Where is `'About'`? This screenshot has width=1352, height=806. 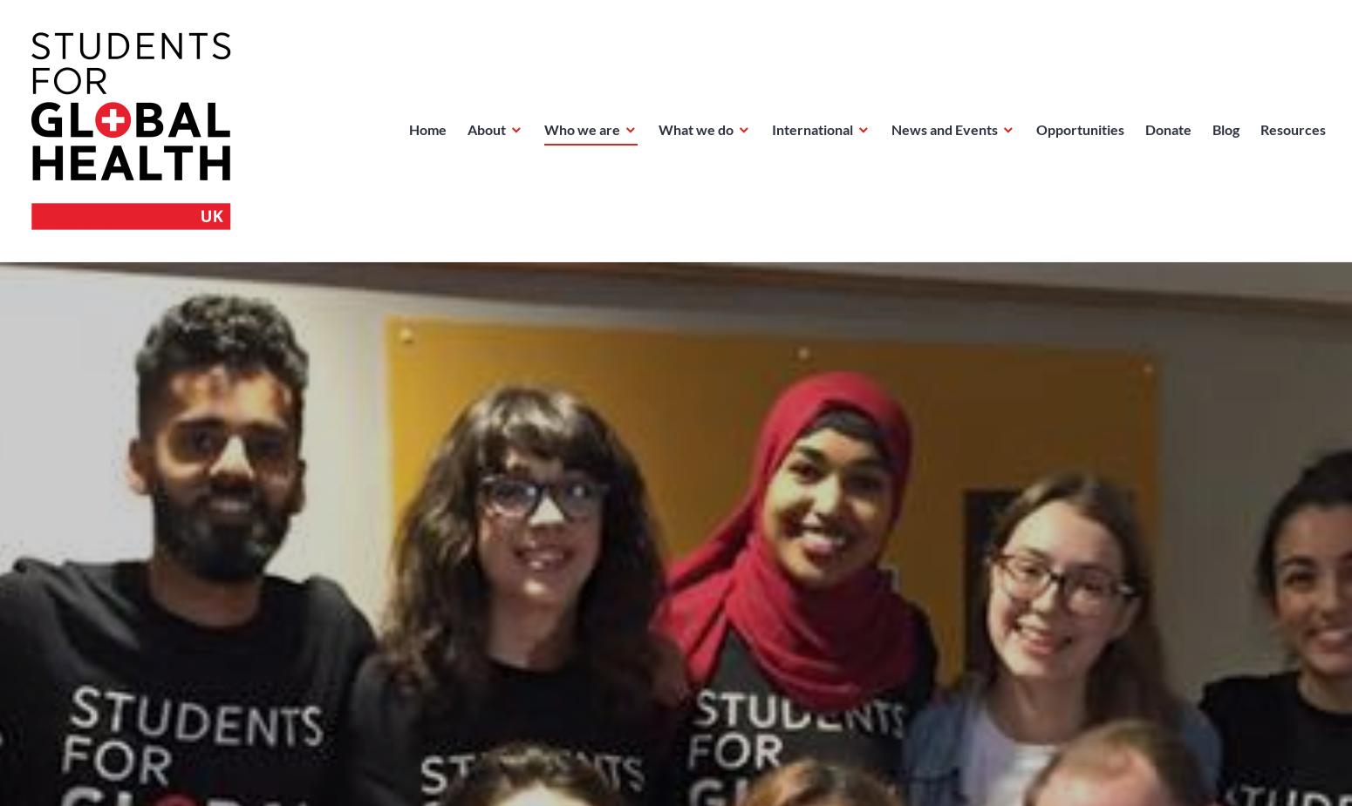 'About' is located at coordinates (487, 128).